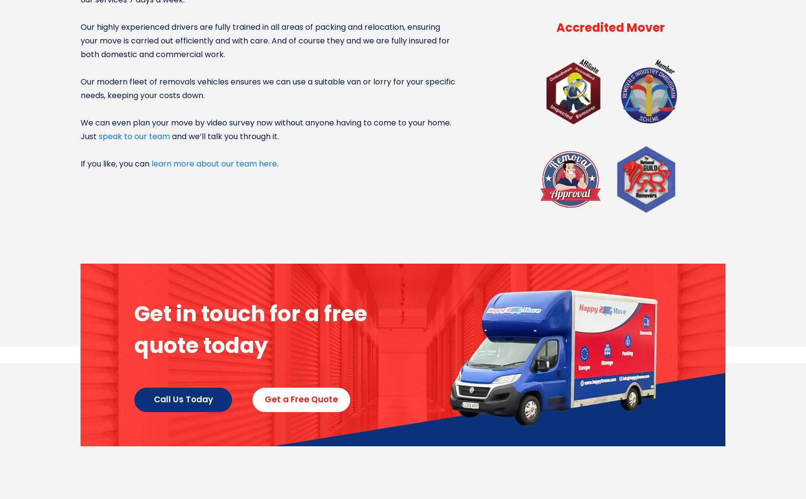 The width and height of the screenshot is (806, 499). What do you see at coordinates (224, 136) in the screenshot?
I see `'and we’ll talk you through it.'` at bounding box center [224, 136].